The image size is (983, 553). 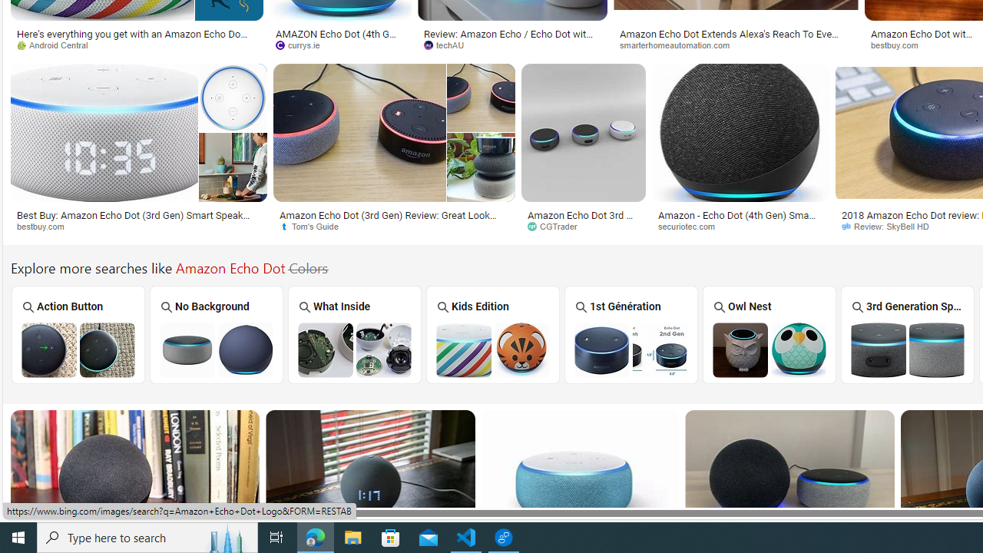 I want to click on 'Amazon Echo Dot Owl and Nest', so click(x=770, y=349).